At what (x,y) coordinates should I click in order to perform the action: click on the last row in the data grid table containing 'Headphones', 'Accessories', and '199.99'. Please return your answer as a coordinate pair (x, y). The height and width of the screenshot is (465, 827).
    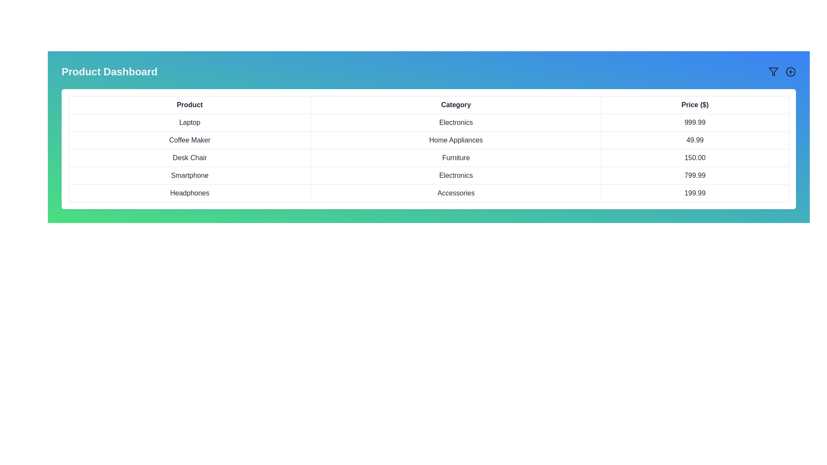
    Looking at the image, I should click on (429, 192).